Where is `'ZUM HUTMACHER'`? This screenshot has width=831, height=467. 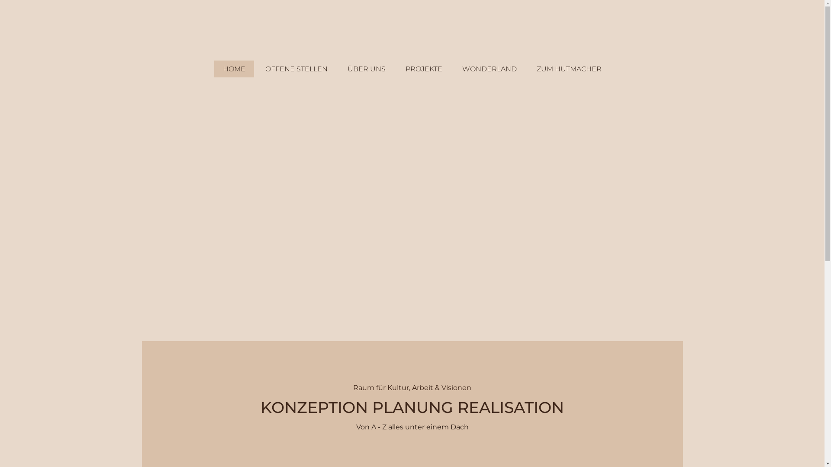 'ZUM HUTMACHER' is located at coordinates (527, 68).